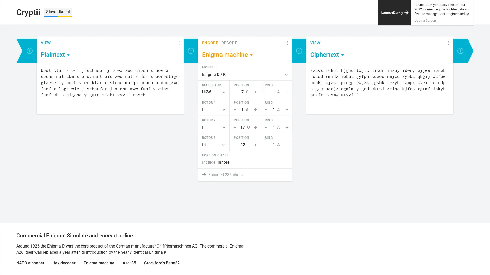  What do you see at coordinates (233, 92) in the screenshot?
I see `Step Down` at bounding box center [233, 92].